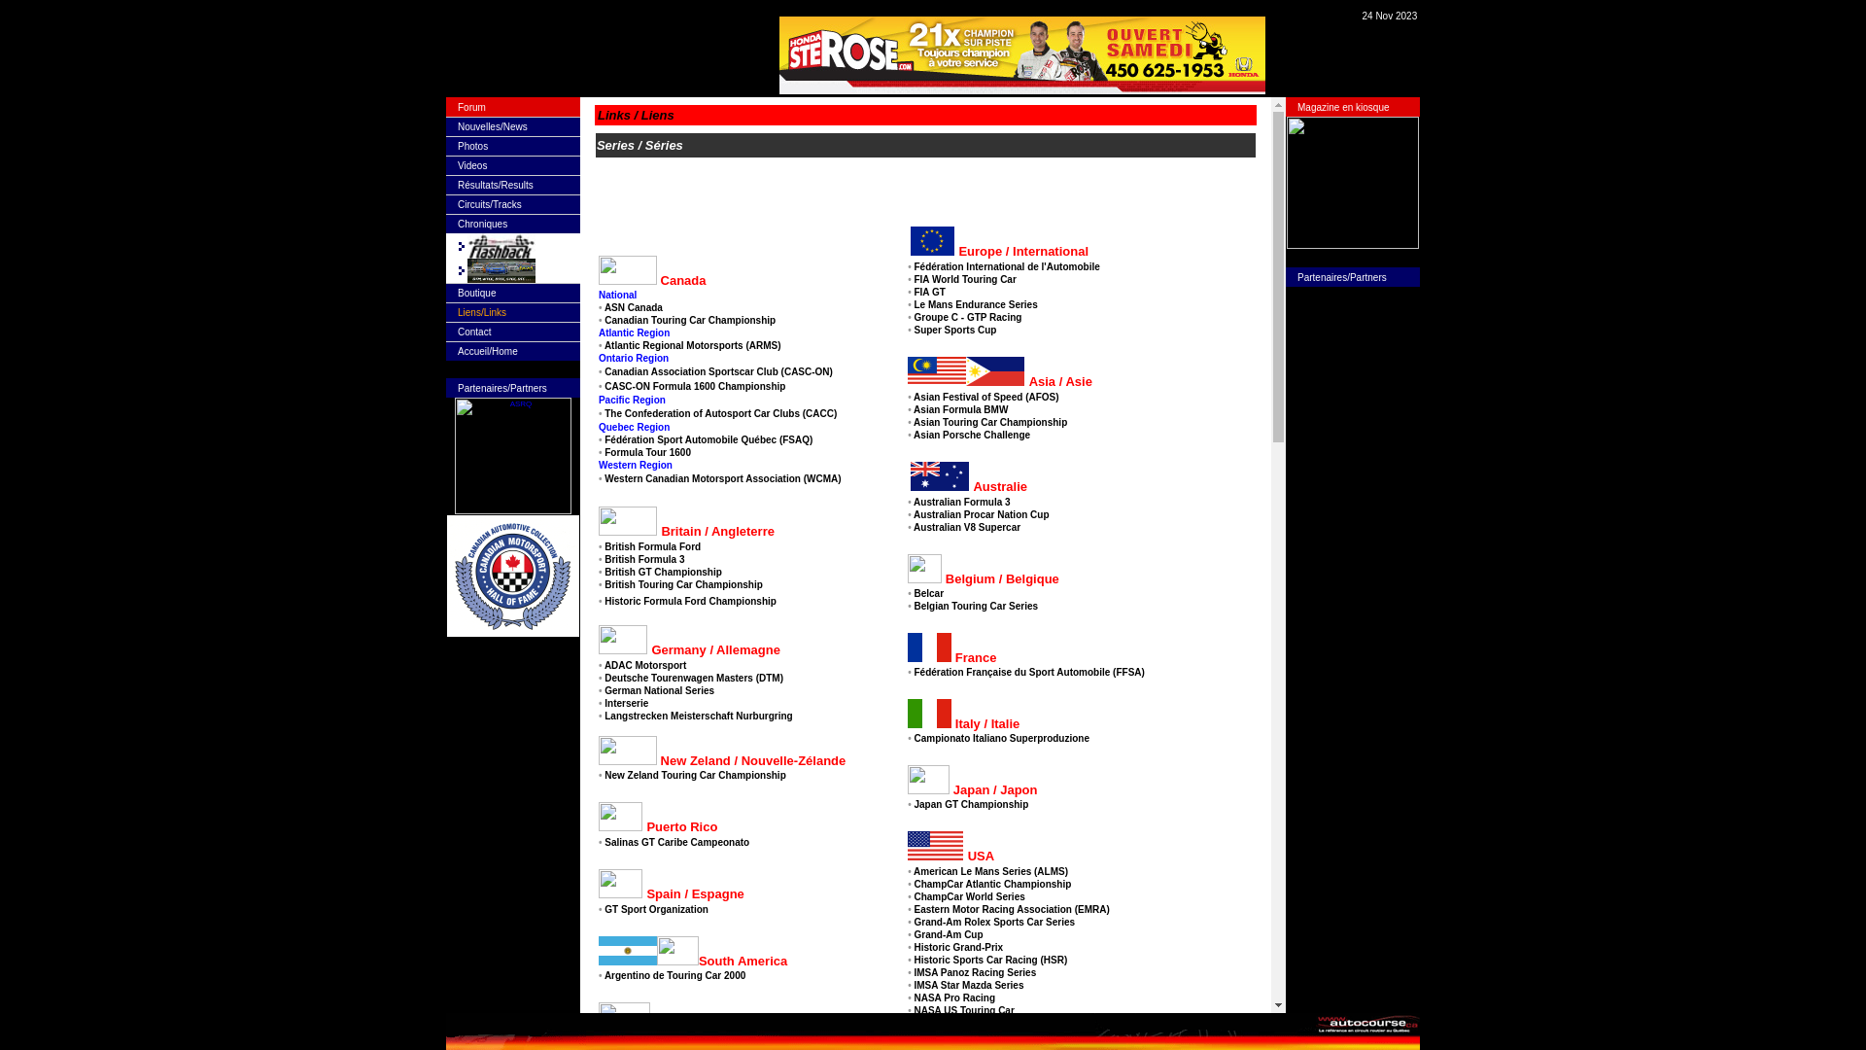 The image size is (1866, 1050). What do you see at coordinates (493, 126) in the screenshot?
I see `'Nouvelles/News'` at bounding box center [493, 126].